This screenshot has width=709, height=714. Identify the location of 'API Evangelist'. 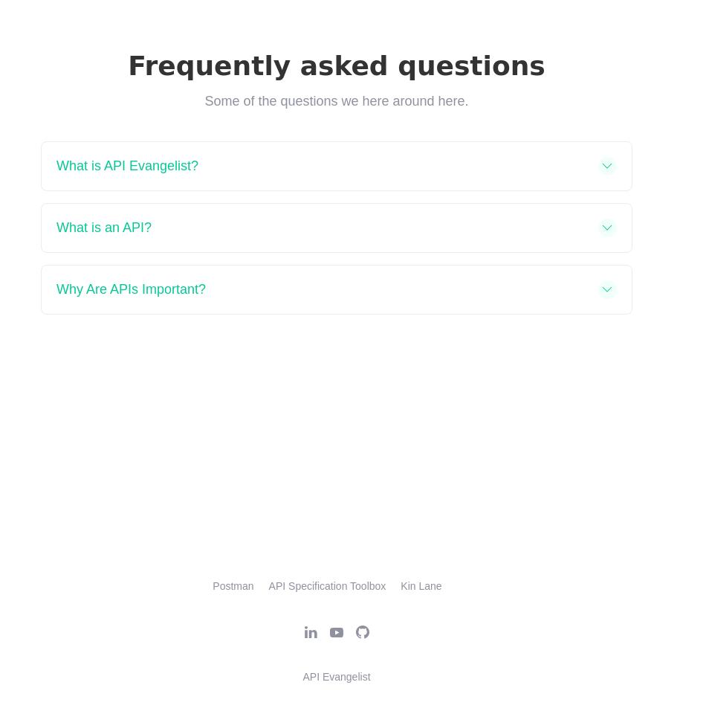
(336, 676).